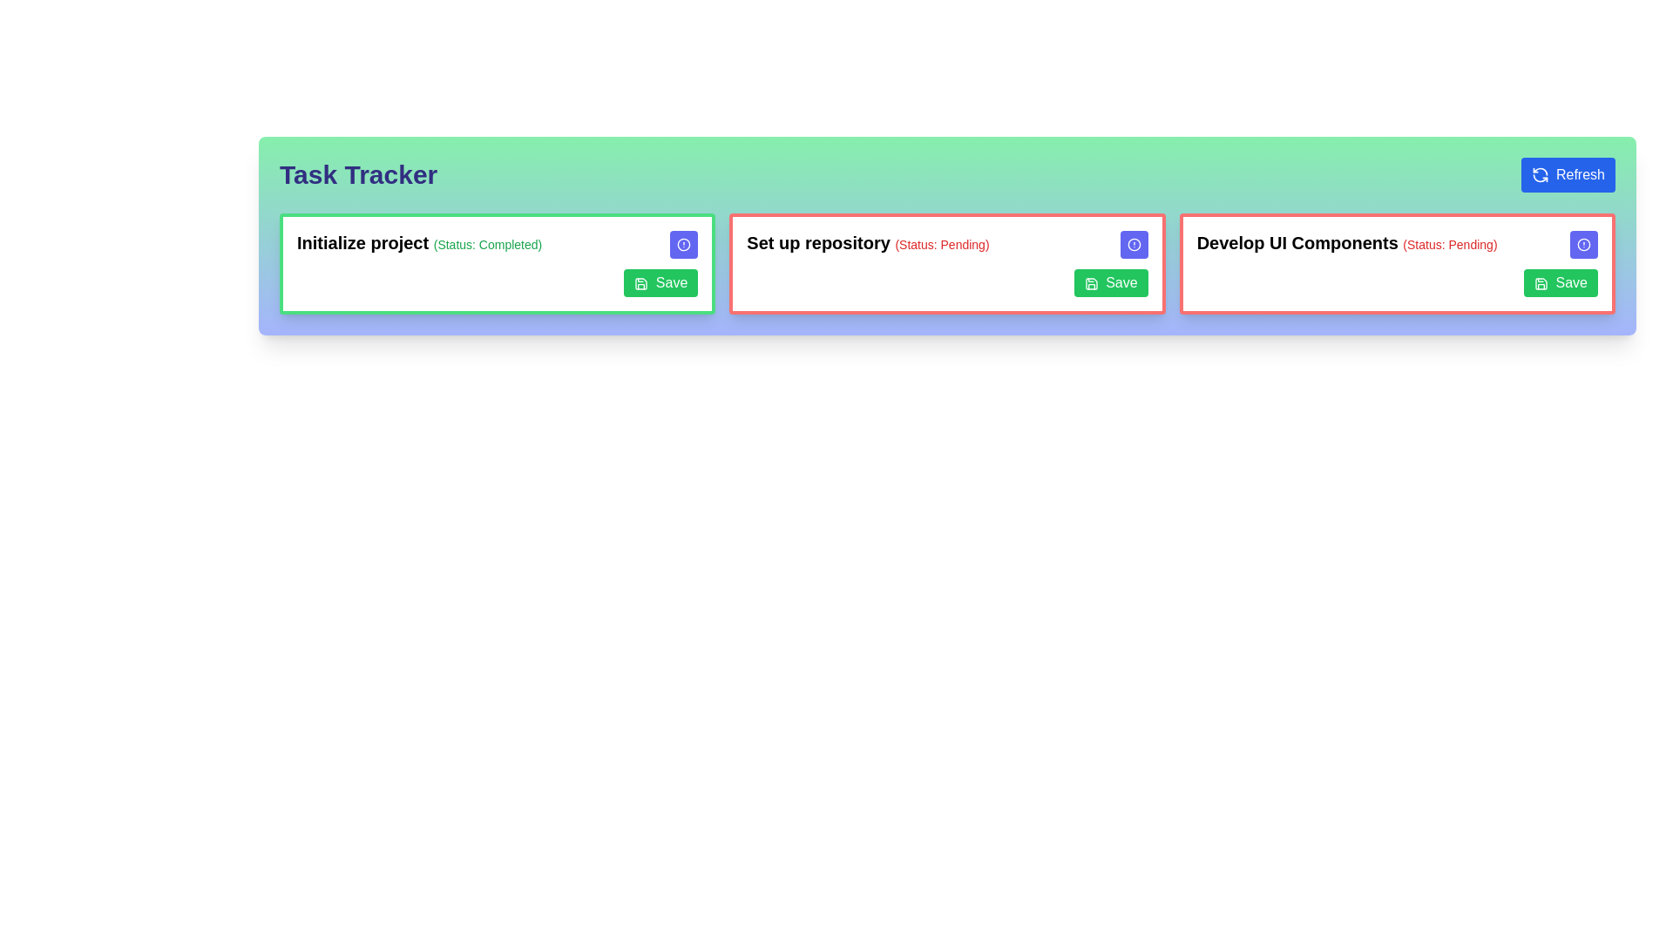 The height and width of the screenshot is (941, 1673). What do you see at coordinates (1090, 282) in the screenshot?
I see `the 'Save' icon located within the green button in the lower right corner of the 'Set up repository' card` at bounding box center [1090, 282].